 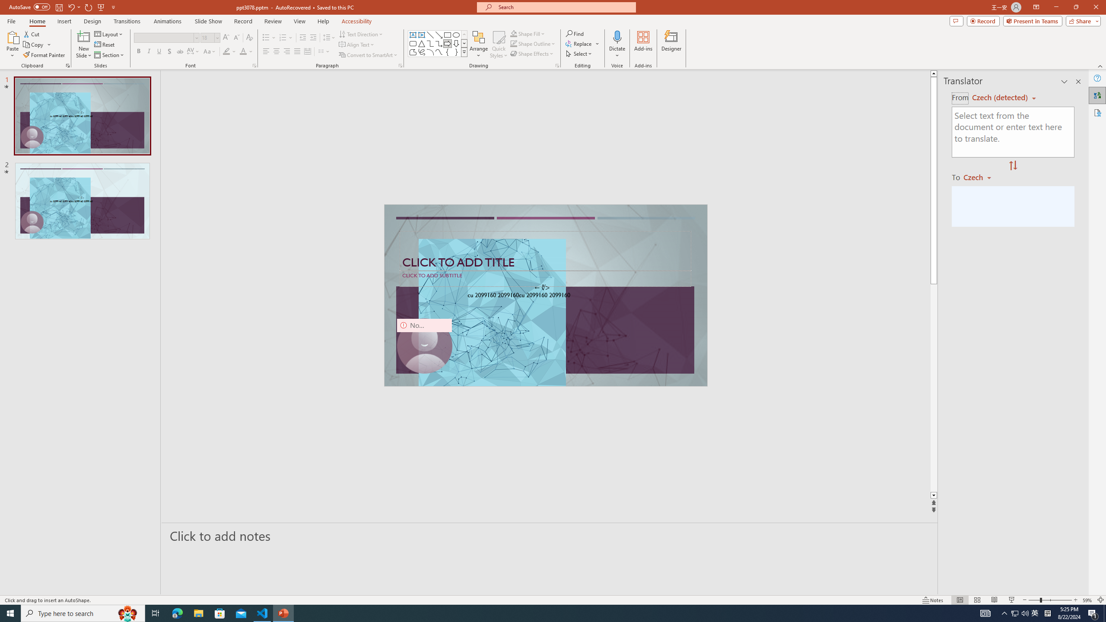 I want to click on 'wangyian_webcrawler - DSW', so click(x=18, y=189).